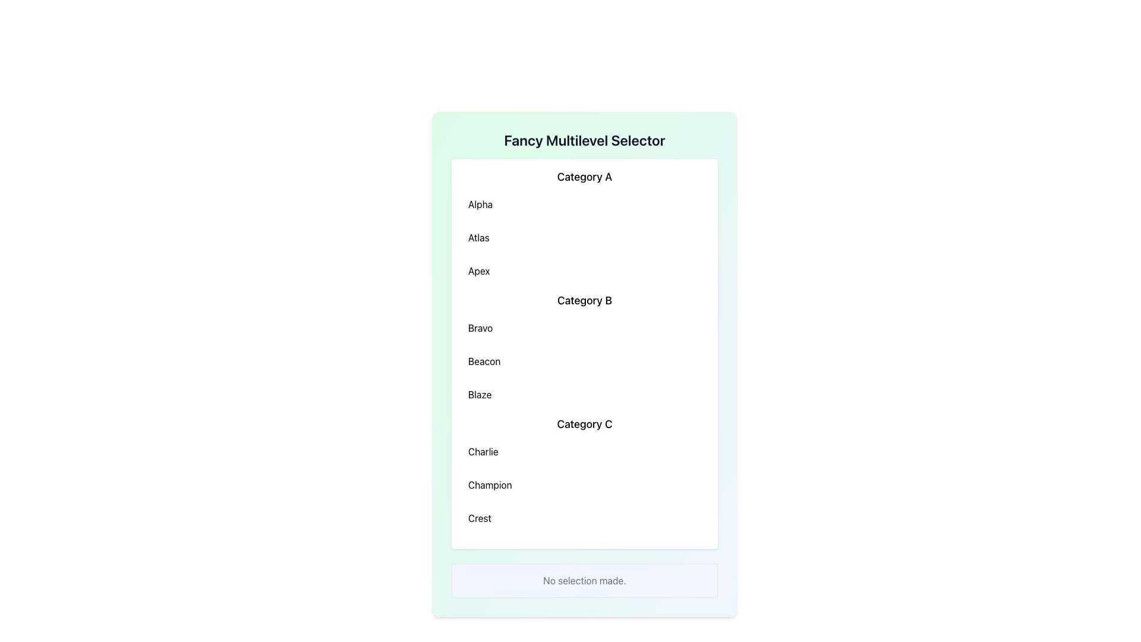 The width and height of the screenshot is (1141, 642). I want to click on the first button-like list item labeled 'Alpha' under 'Category A' to potentially activate a related action, so click(584, 203).